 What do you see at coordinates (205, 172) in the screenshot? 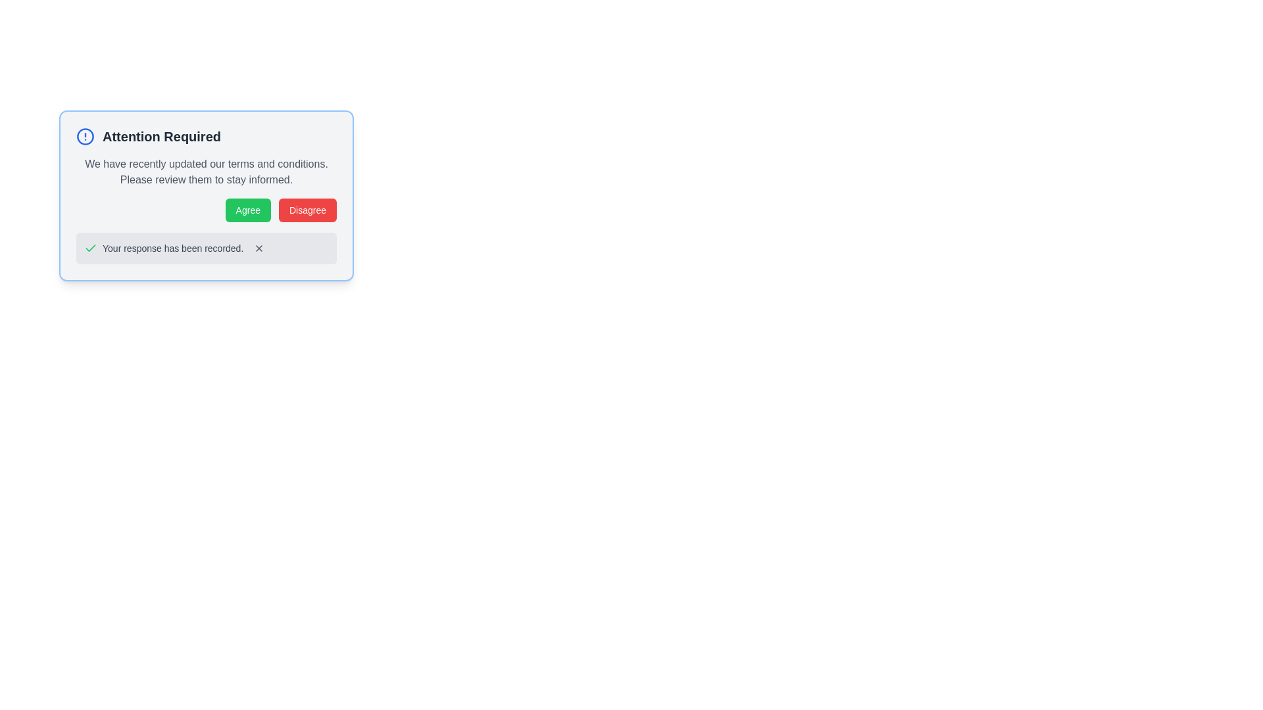
I see `the informational text label regarding the recent update to terms and conditions, positioned below the 'Attention Required' header and above the 'Agree' and 'Disagree' buttons` at bounding box center [205, 172].